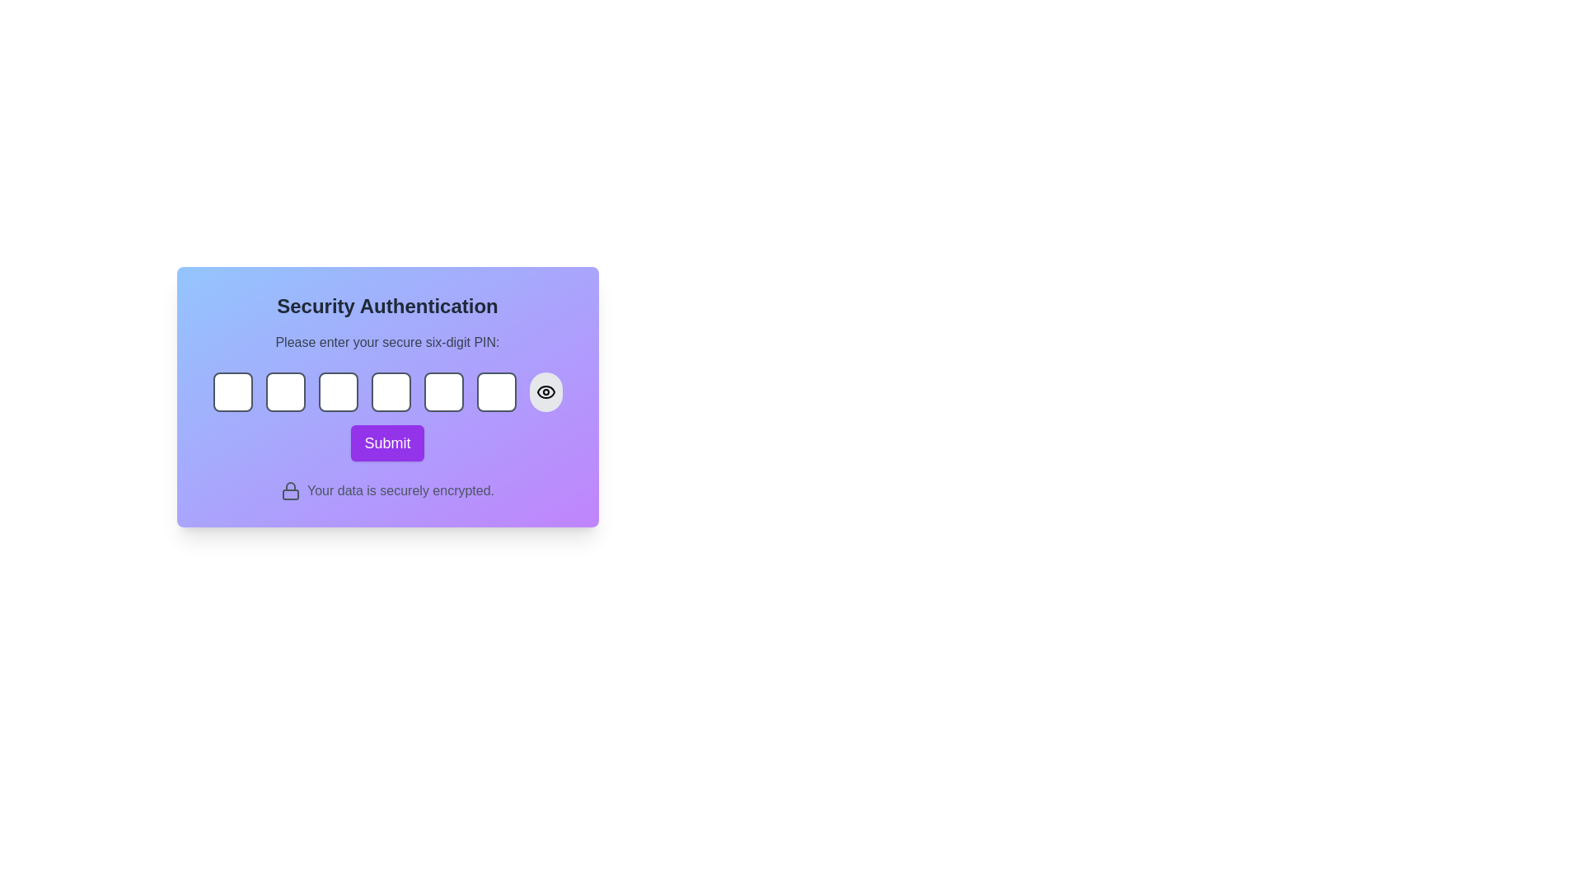 This screenshot has width=1582, height=890. Describe the element at coordinates (390, 391) in the screenshot. I see `the fourth password input field to focus it for entering a secure PIN` at that location.